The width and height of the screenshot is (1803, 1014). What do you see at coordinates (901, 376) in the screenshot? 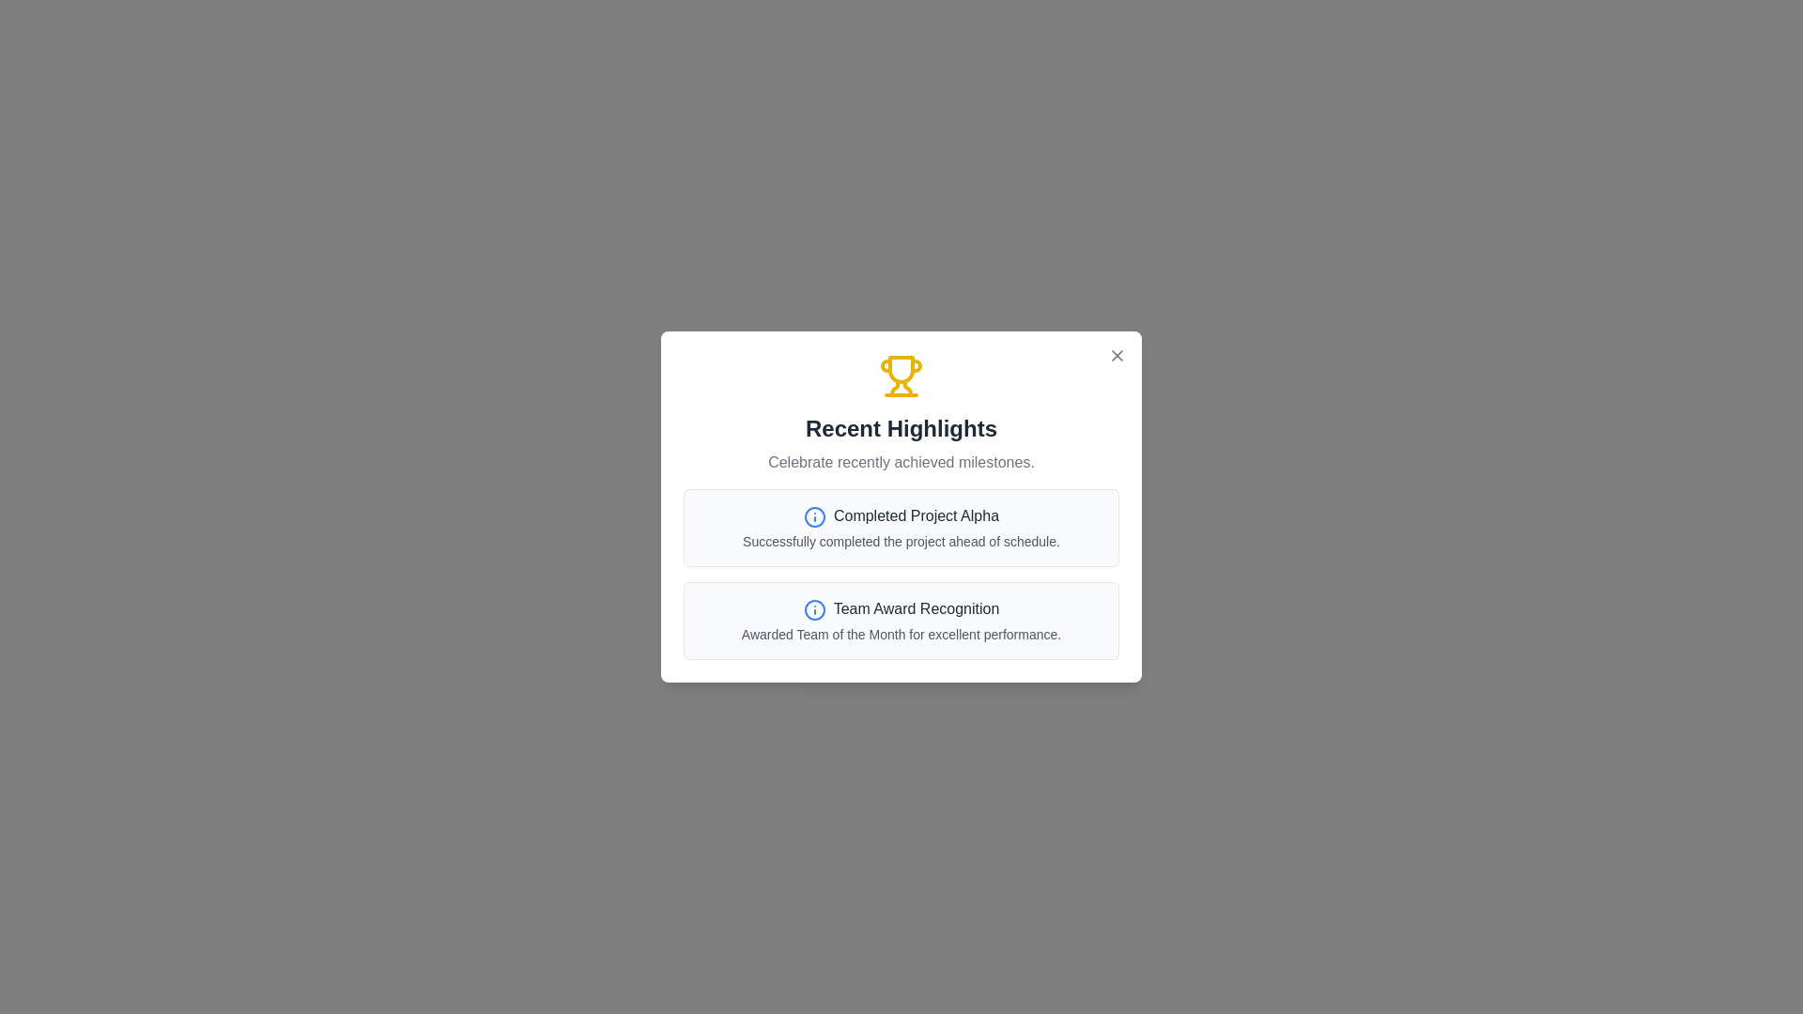
I see `the golden trophy icon located at the center top of the 'Recent Highlights' modal window` at bounding box center [901, 376].